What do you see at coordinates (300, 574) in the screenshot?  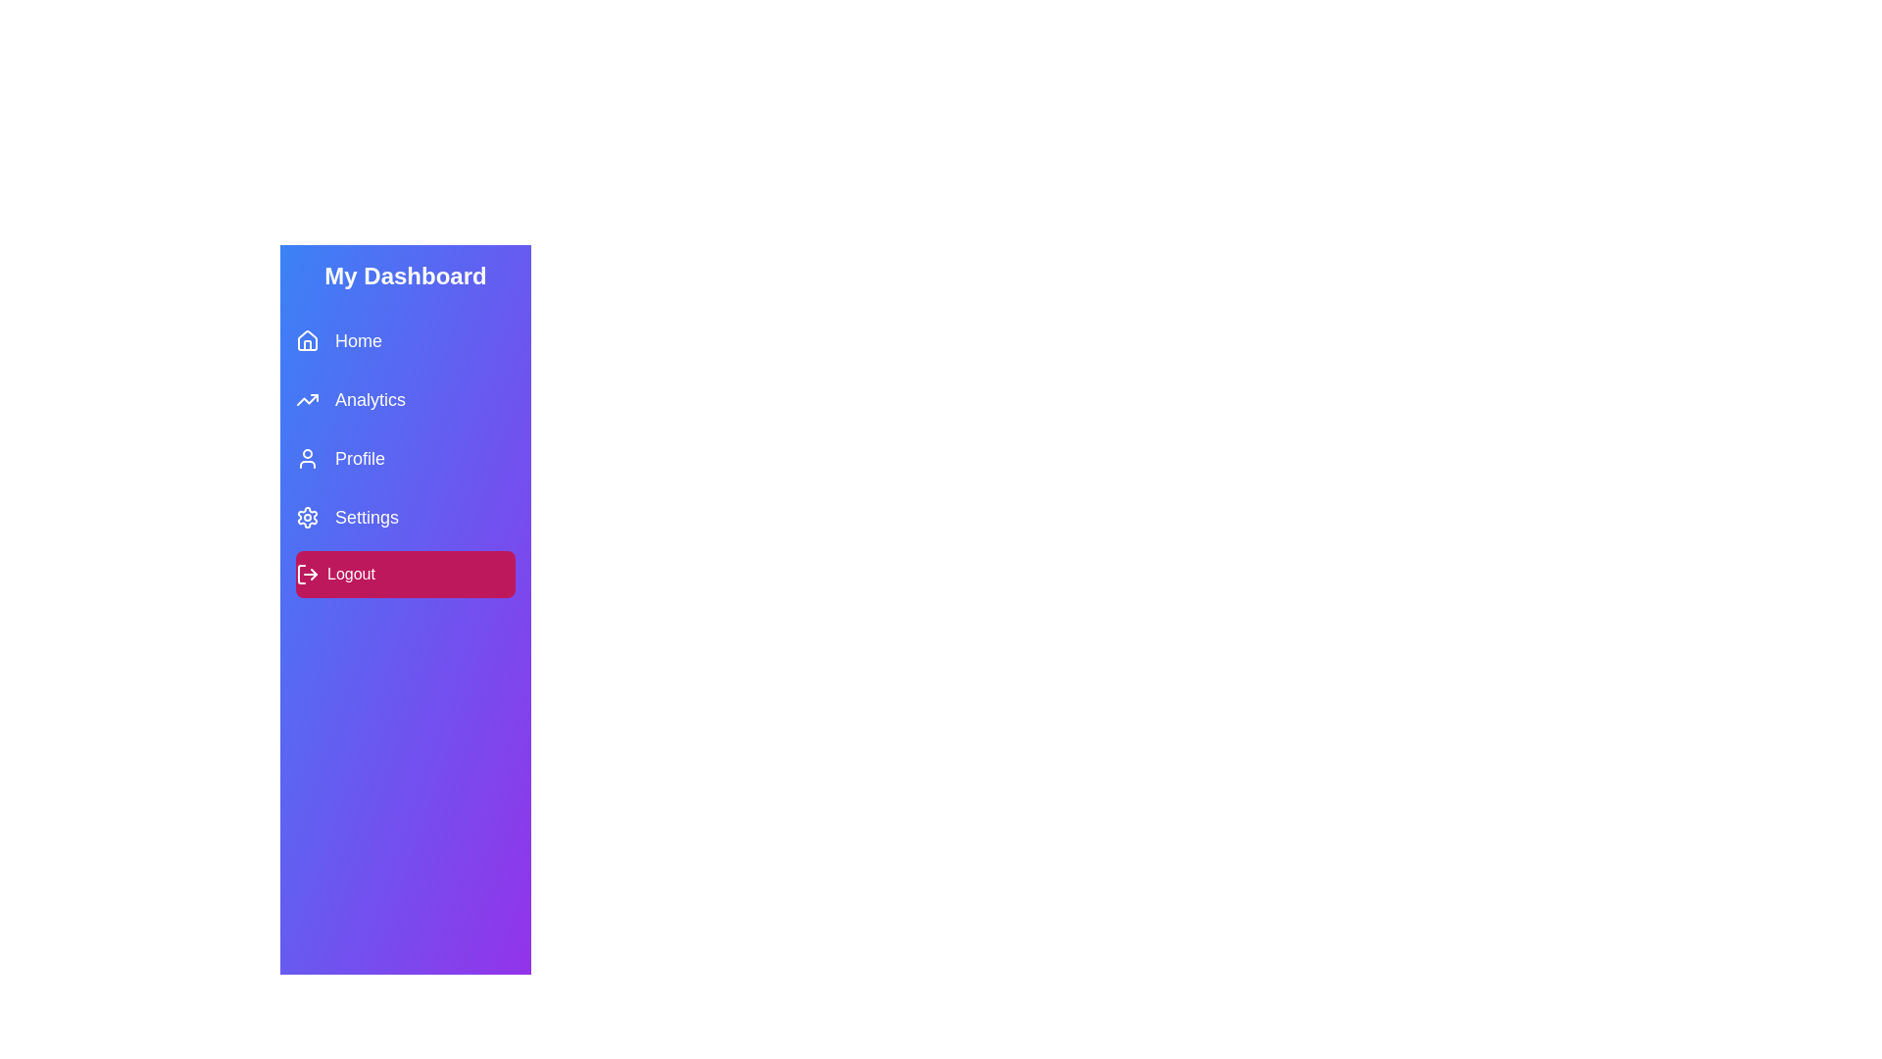 I see `the decorative vertical line component within the logout icon of the sidebar menu` at bounding box center [300, 574].